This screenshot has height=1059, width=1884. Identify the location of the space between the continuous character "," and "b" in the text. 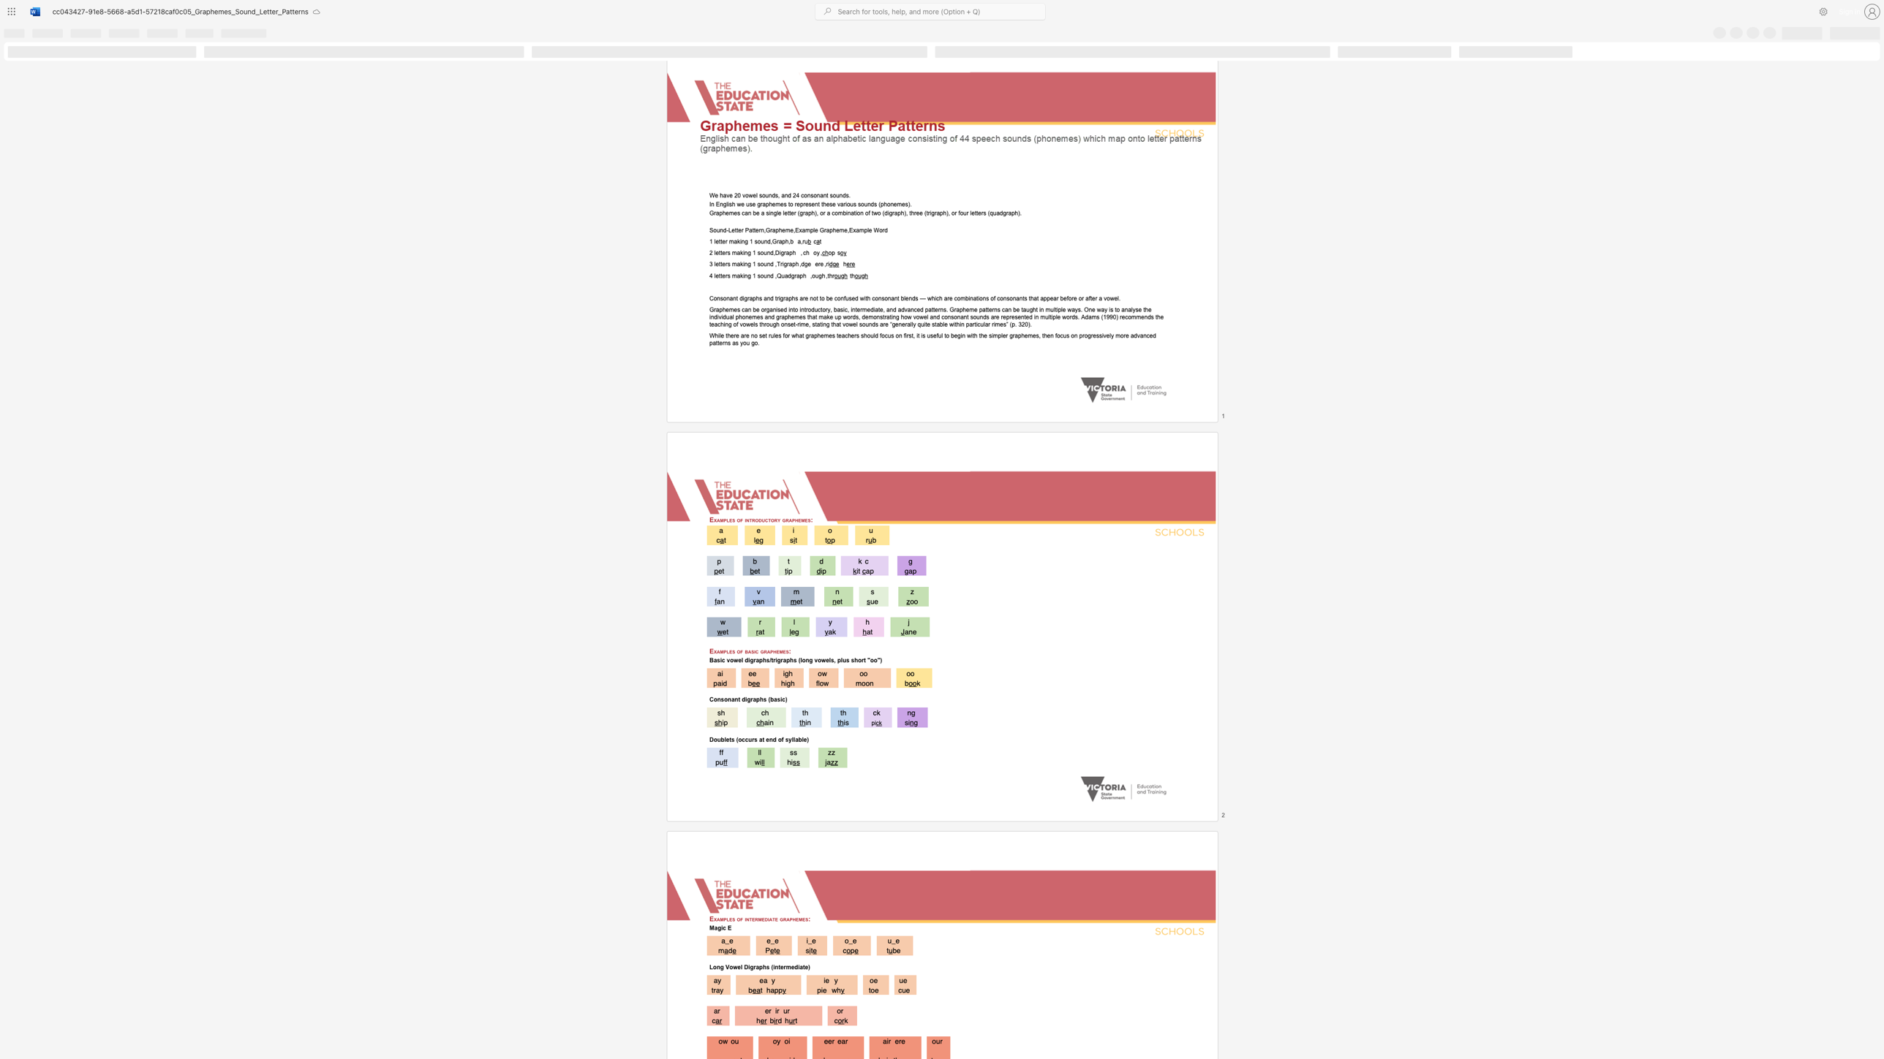
(790, 240).